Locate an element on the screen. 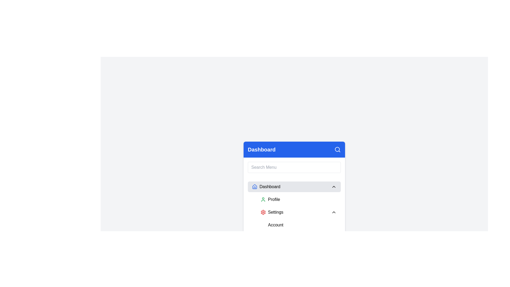 The image size is (510, 287). the selectable menu item with gear icon and text is located at coordinates (271, 212).